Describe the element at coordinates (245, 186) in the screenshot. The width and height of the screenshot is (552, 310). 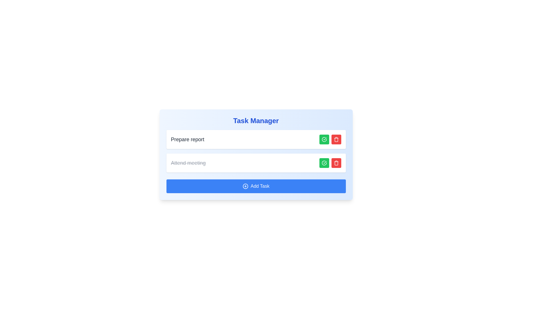
I see `the decorative SVG circle that symbolizes adding or creating a new task, which is part of the 'Add Task' button located at the bottom-center of the interface` at that location.